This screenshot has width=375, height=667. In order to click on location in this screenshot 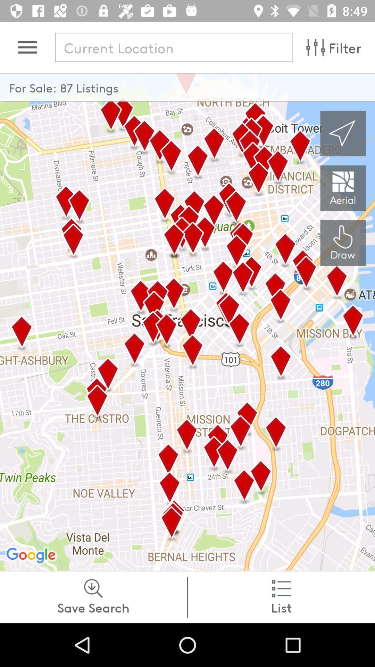, I will do `click(173, 47)`.